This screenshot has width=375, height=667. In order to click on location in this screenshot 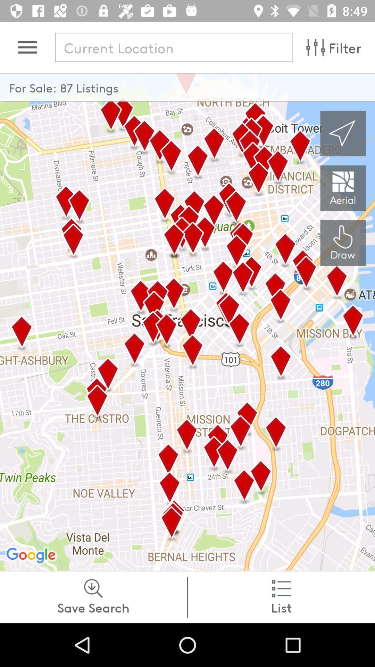, I will do `click(173, 47)`.